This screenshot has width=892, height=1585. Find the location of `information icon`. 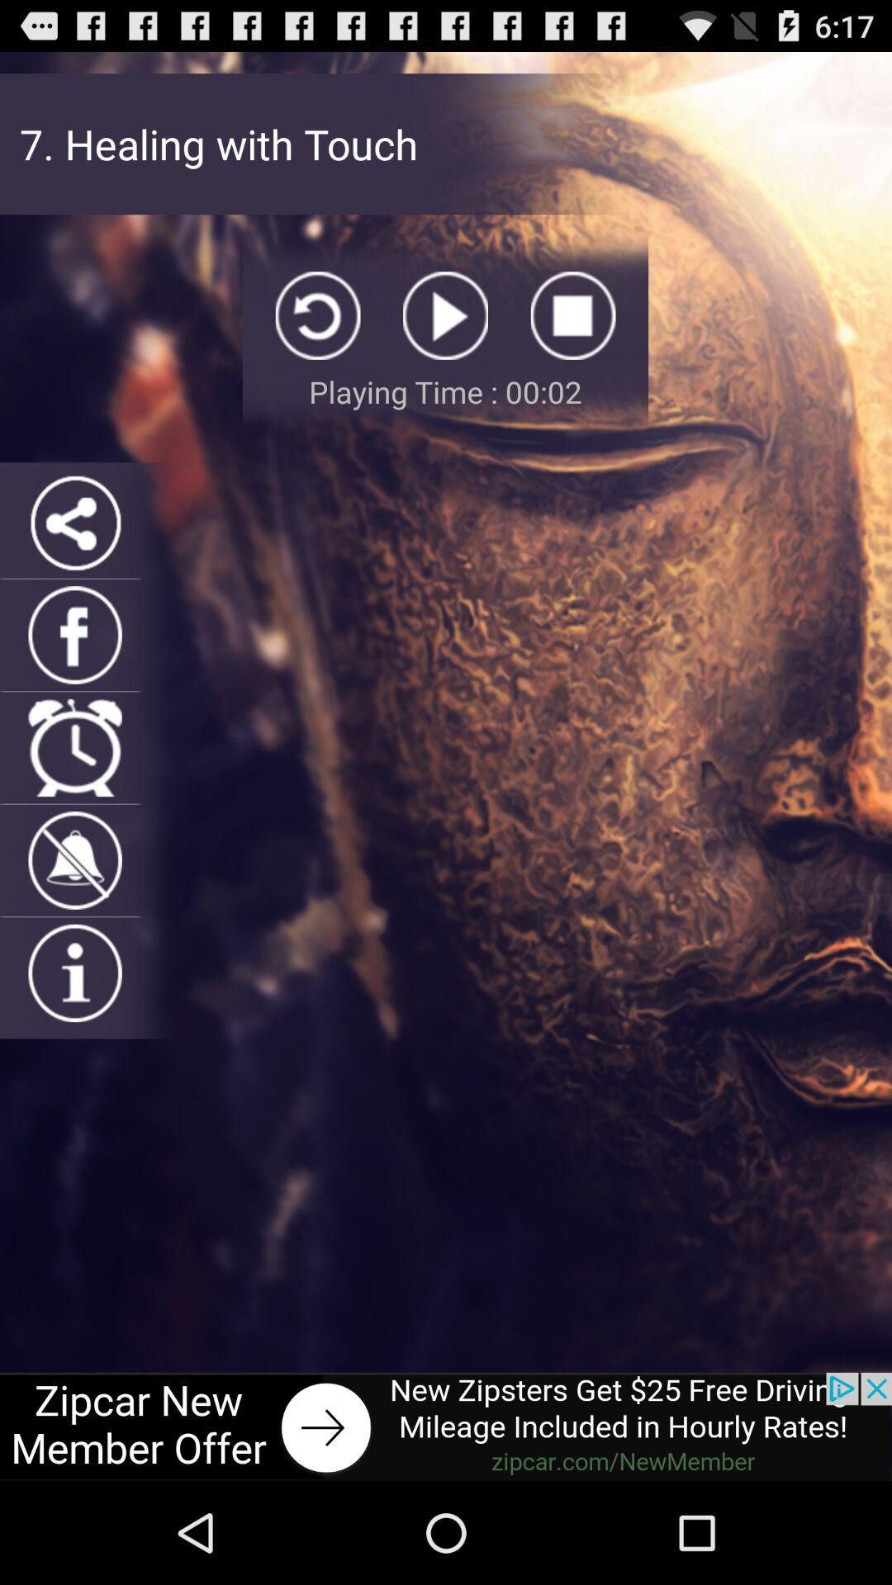

information icon is located at coordinates (75, 973).